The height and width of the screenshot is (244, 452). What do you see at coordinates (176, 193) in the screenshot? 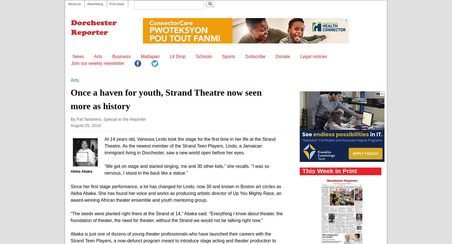
I see `'Since her first stage performance, a lot has changed for Lindo, now 30 and known in Boston art circles as Akiba Abaka. She has found her voice and works as producing artistic director of Up You Mighty Race, an award-winning African theater ensemble and youth mentoring group.'` at bounding box center [176, 193].